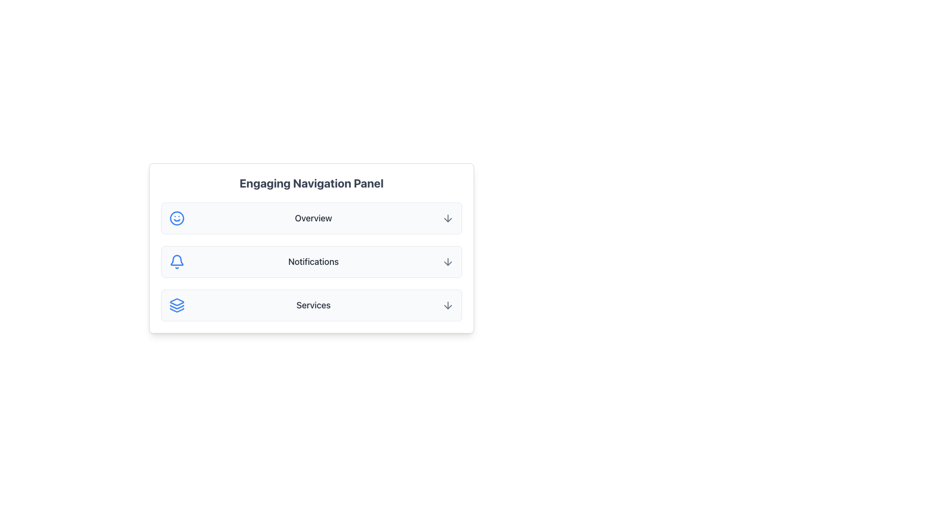 The width and height of the screenshot is (929, 522). I want to click on the icon with a blue outline resembling two stacked layers with rounded edges, located in the third row of the navigation panel below the 'Notifications' section, adjacent to the label 'Services', so click(177, 302).